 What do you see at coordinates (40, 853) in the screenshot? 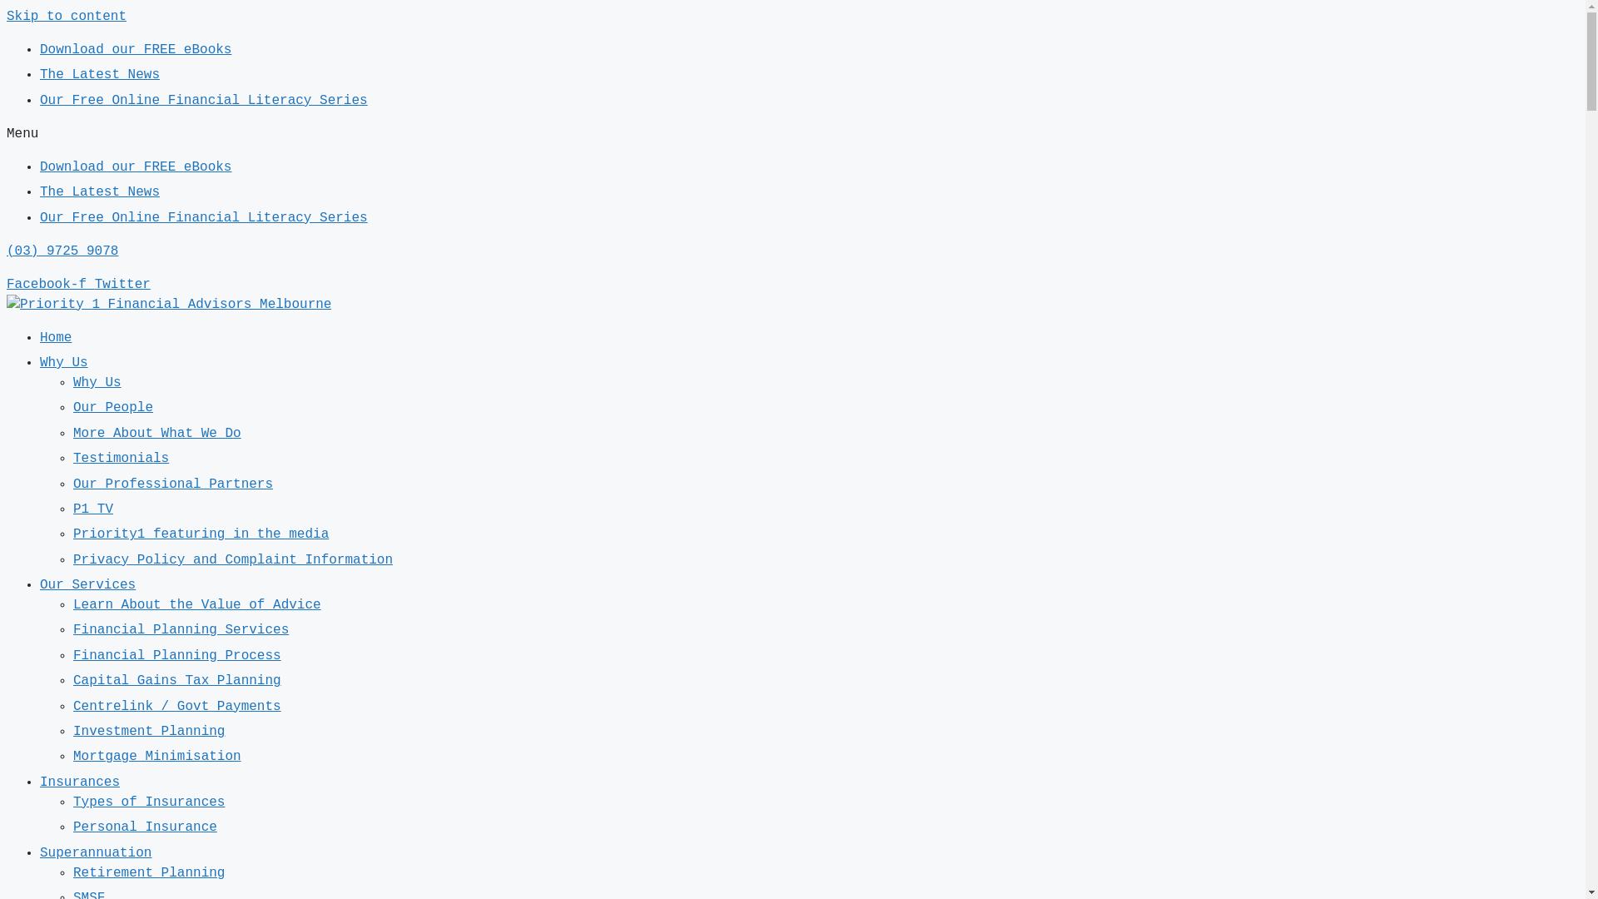
I see `'Superannuation'` at bounding box center [40, 853].